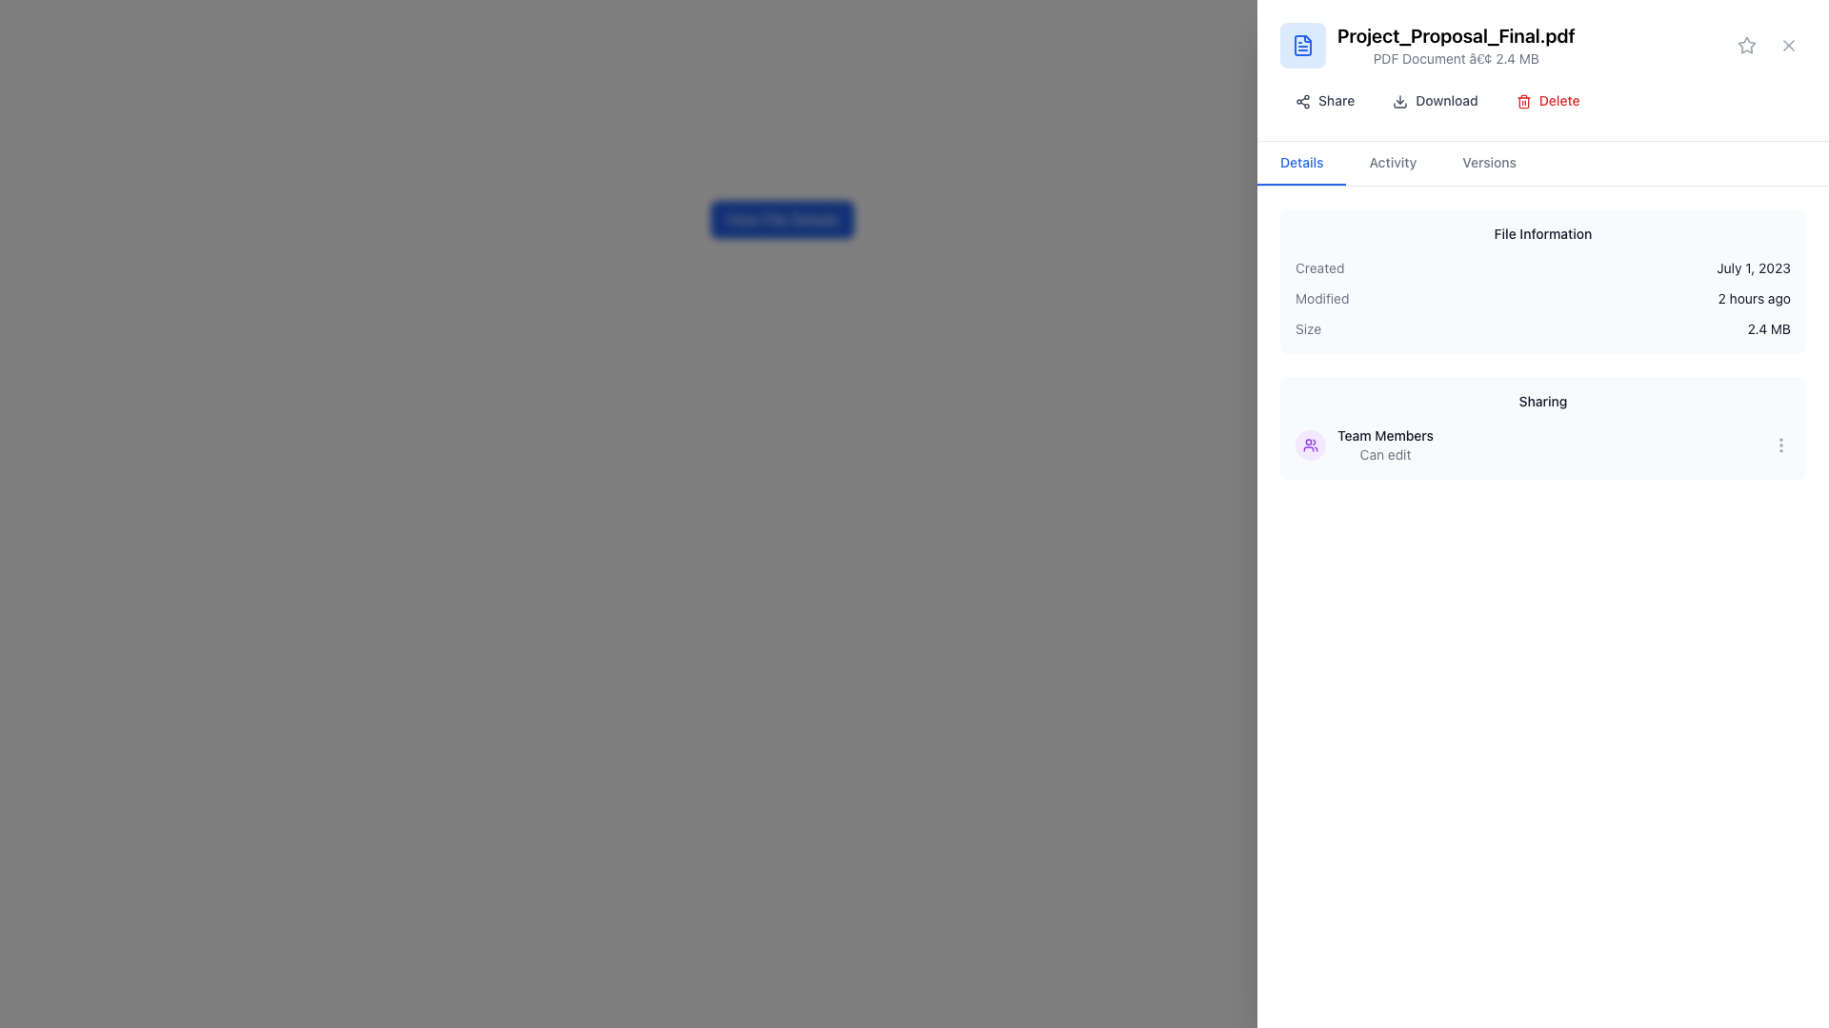  I want to click on the star-shaped icon with a hollow center, located in the top-right corner of the interface, adjacent to the close button ('X'), so click(1746, 44).